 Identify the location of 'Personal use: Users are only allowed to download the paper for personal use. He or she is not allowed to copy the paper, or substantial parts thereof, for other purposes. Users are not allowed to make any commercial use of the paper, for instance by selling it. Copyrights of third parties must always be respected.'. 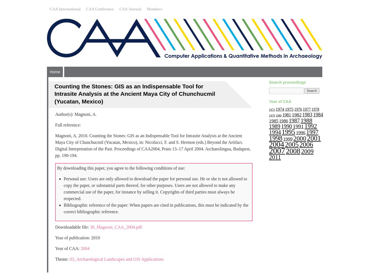
(155, 188).